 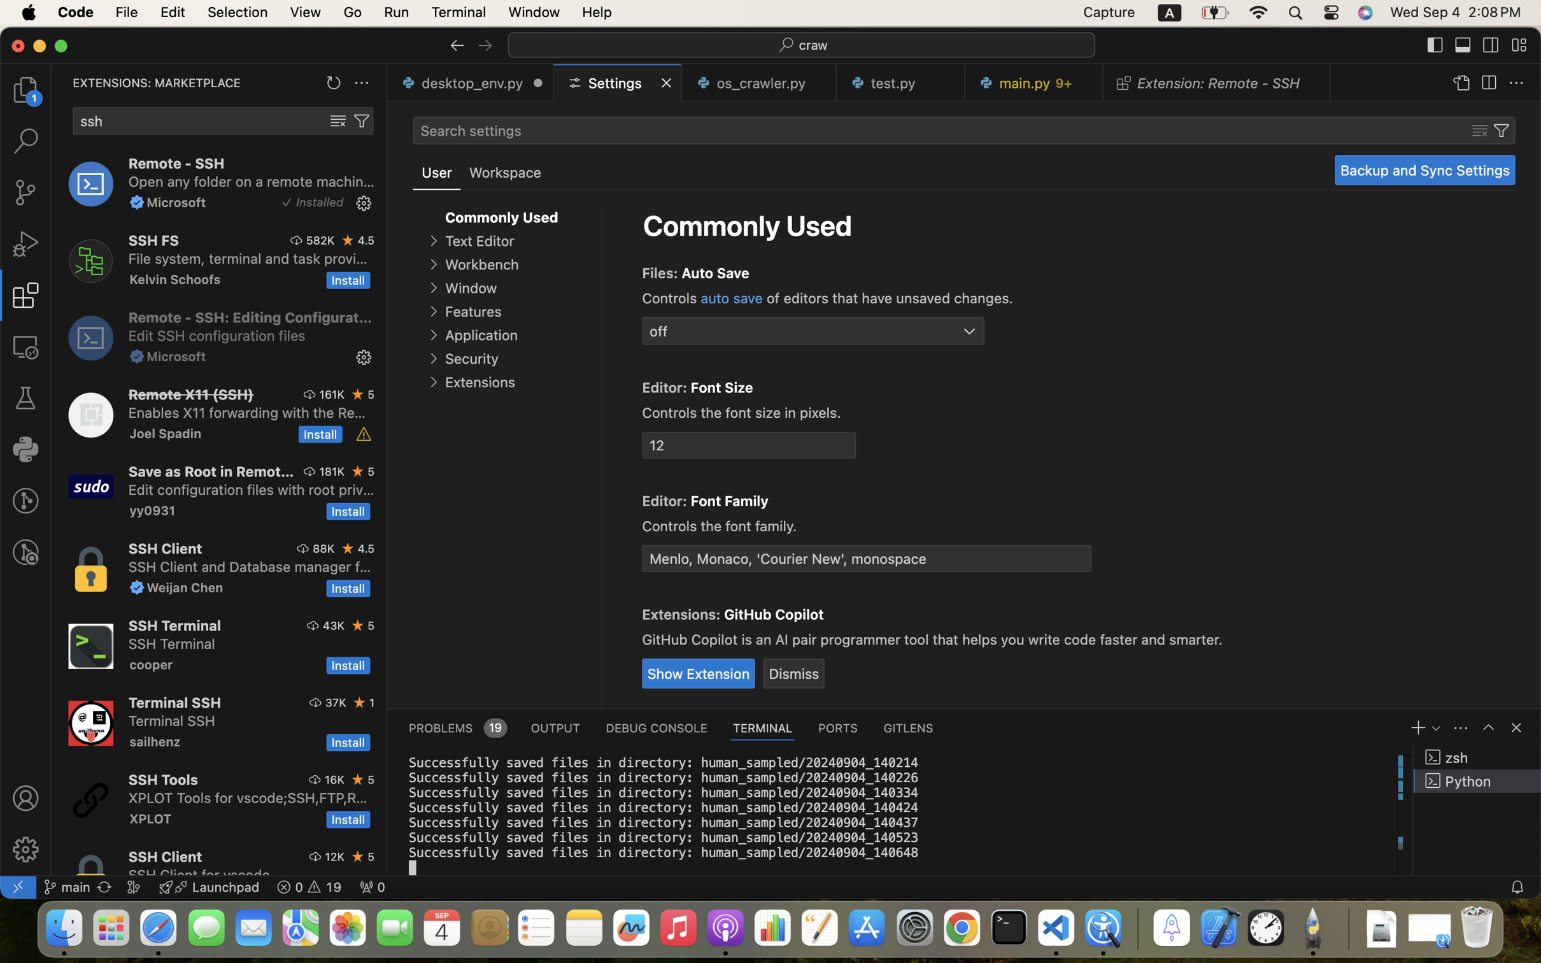 I want to click on 'Python ', so click(x=1477, y=780).